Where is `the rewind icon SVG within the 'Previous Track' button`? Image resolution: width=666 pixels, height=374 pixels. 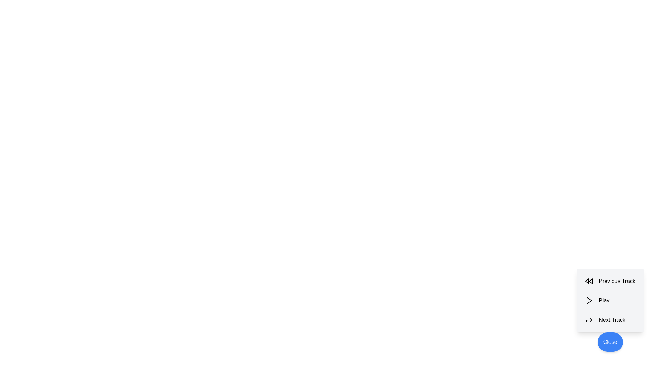 the rewind icon SVG within the 'Previous Track' button is located at coordinates (589, 281).